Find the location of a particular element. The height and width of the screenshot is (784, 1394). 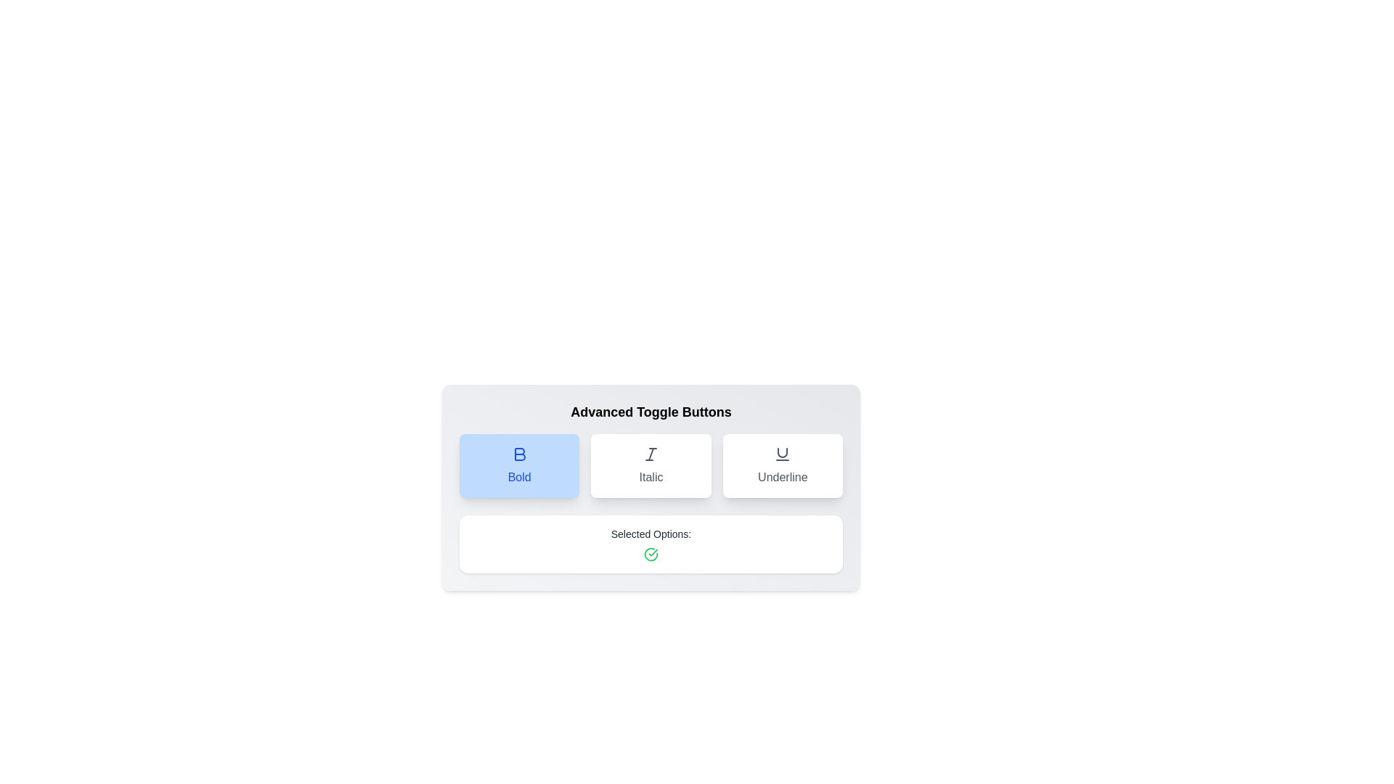

the 'Italic' button to toggle its state is located at coordinates (651, 465).